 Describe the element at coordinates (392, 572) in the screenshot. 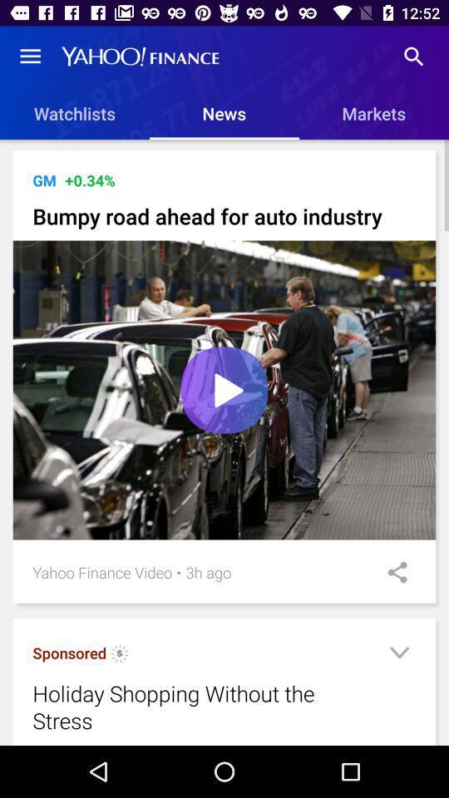

I see `item to the right of the 3h ago icon` at that location.